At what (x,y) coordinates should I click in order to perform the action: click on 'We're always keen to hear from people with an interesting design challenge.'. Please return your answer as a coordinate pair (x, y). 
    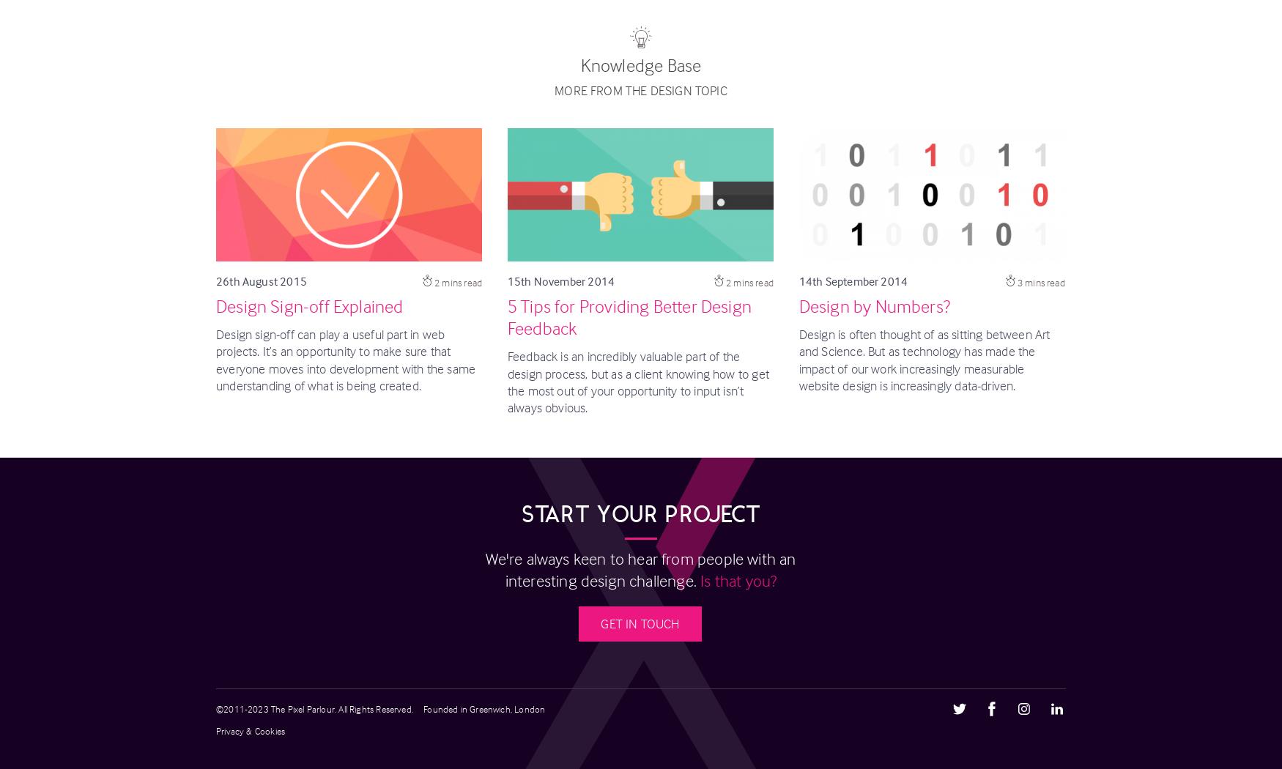
    Looking at the image, I should click on (485, 569).